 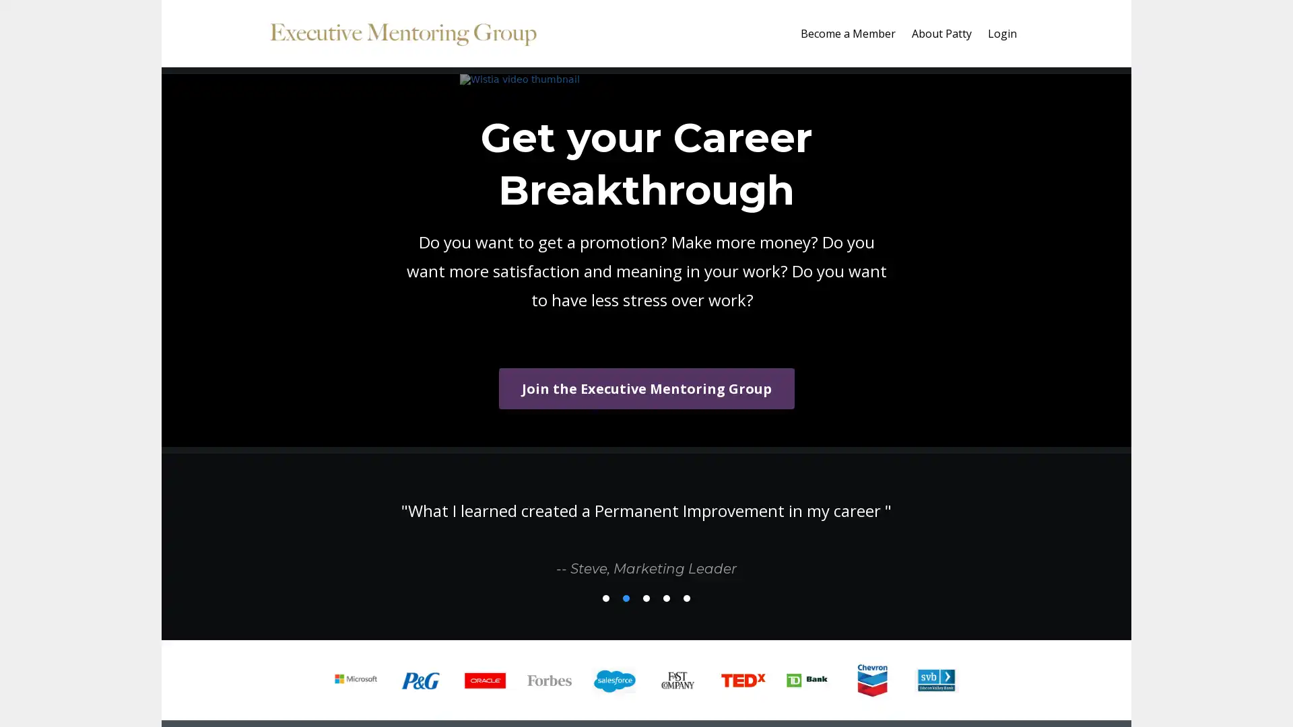 What do you see at coordinates (686, 596) in the screenshot?
I see `5` at bounding box center [686, 596].